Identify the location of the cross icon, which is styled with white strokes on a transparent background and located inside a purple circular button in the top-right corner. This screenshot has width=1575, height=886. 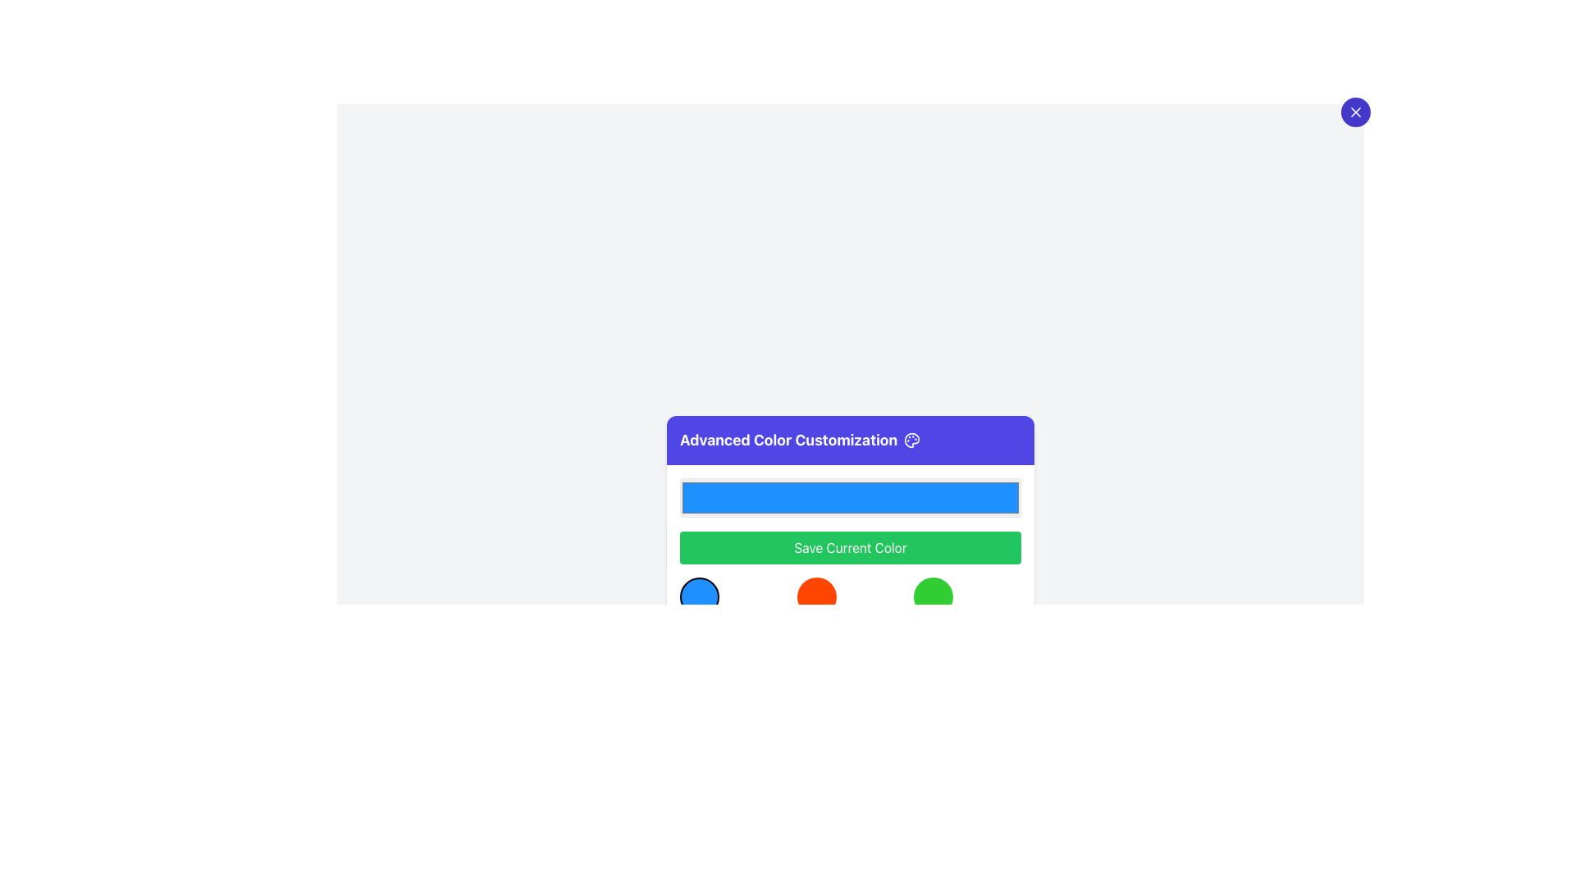
(1355, 112).